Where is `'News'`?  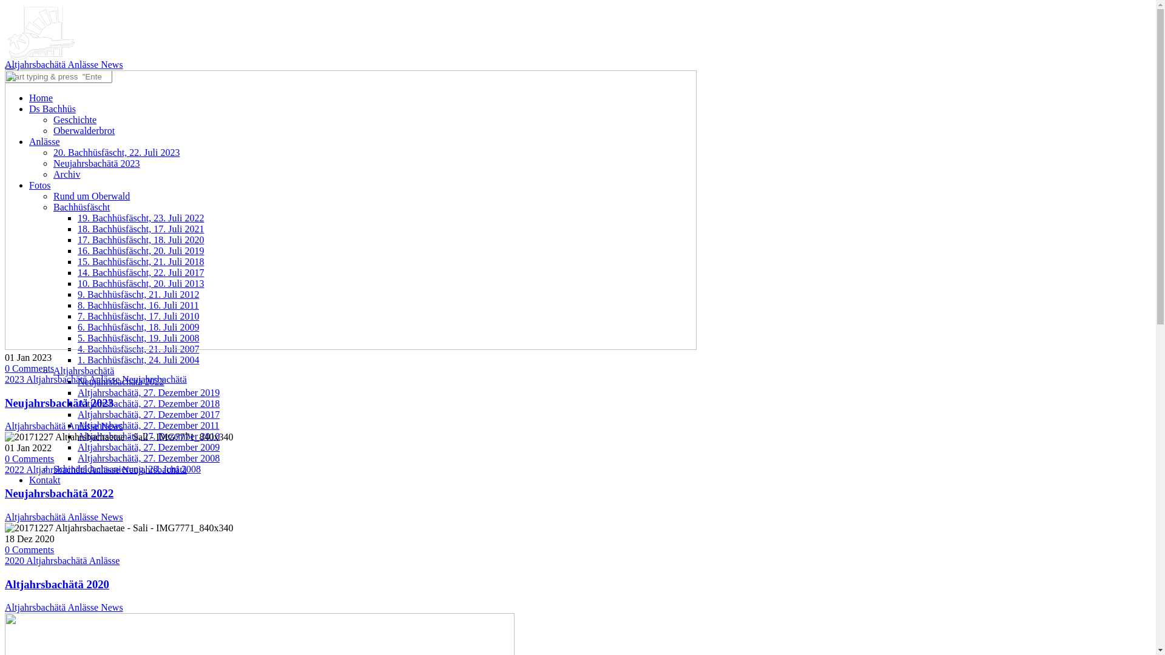 'News' is located at coordinates (111, 425).